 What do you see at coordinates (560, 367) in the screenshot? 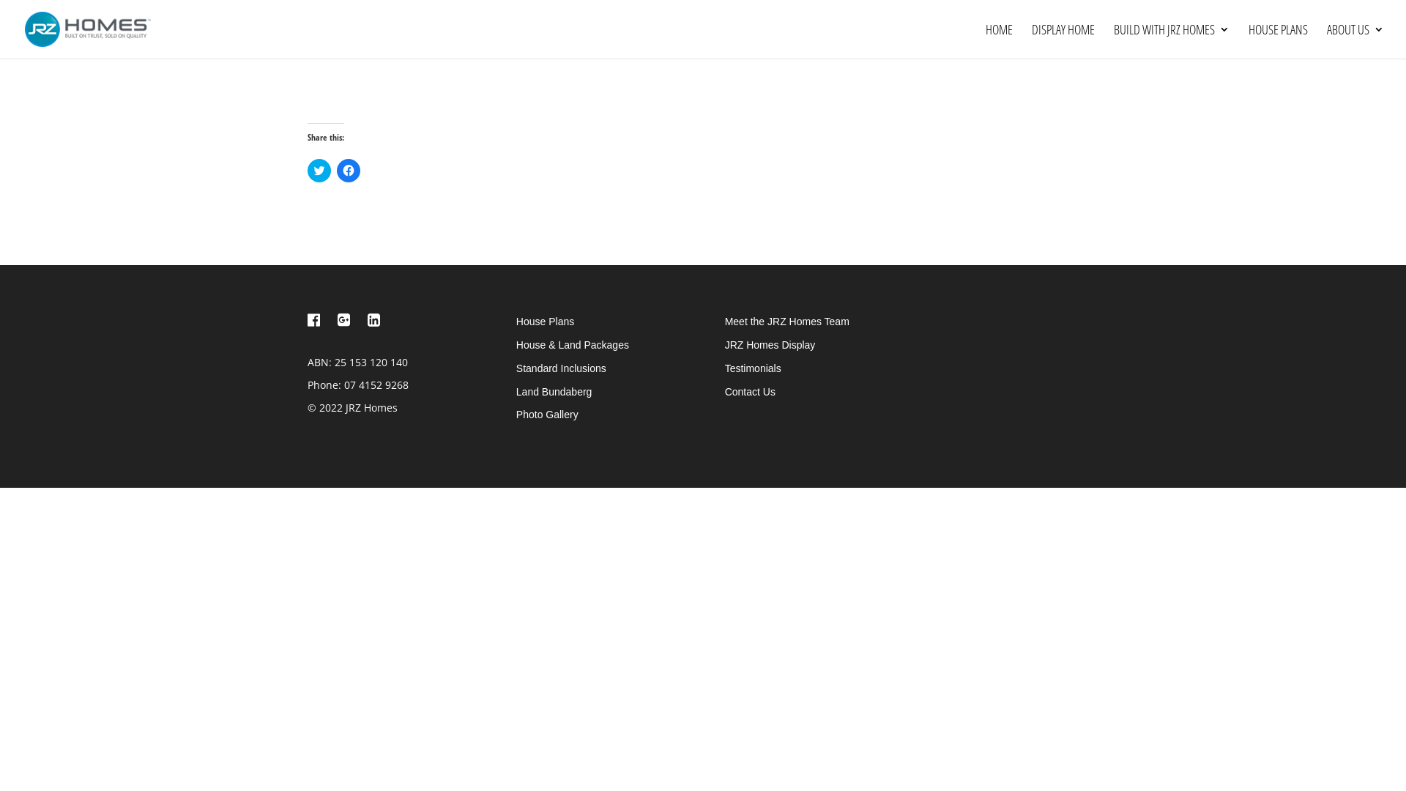
I see `'Standard Inclusions'` at bounding box center [560, 367].